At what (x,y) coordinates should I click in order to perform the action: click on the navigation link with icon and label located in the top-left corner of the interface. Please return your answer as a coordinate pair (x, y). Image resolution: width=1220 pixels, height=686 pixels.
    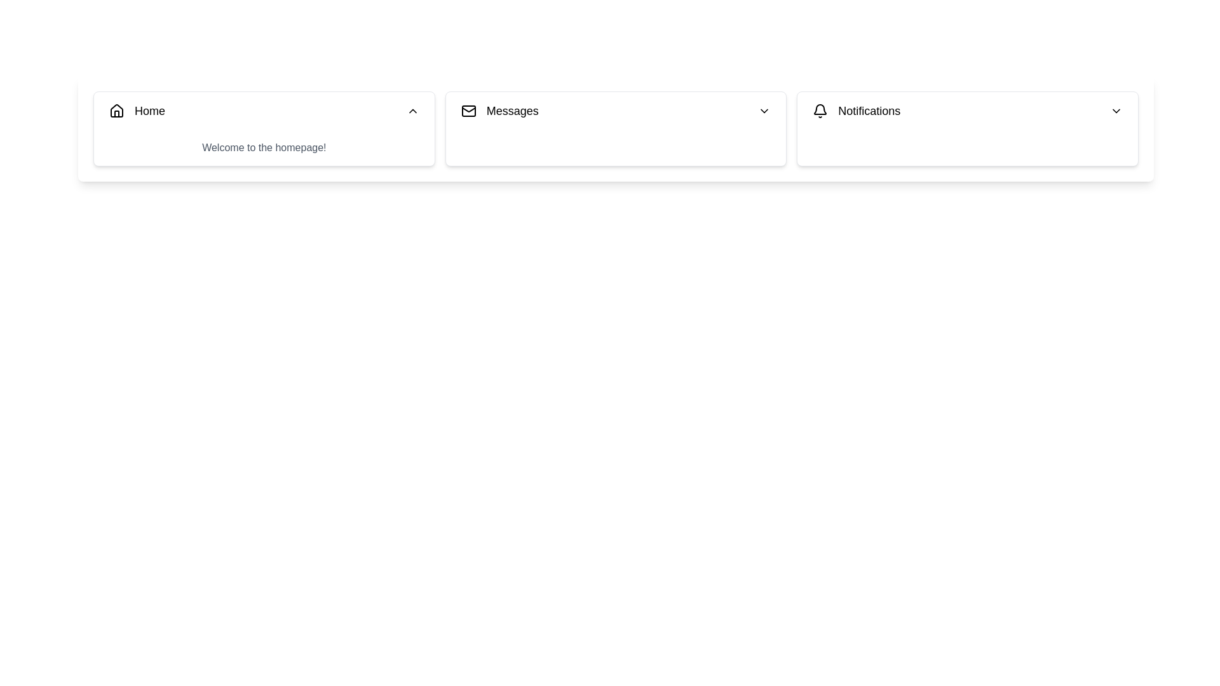
    Looking at the image, I should click on (137, 110).